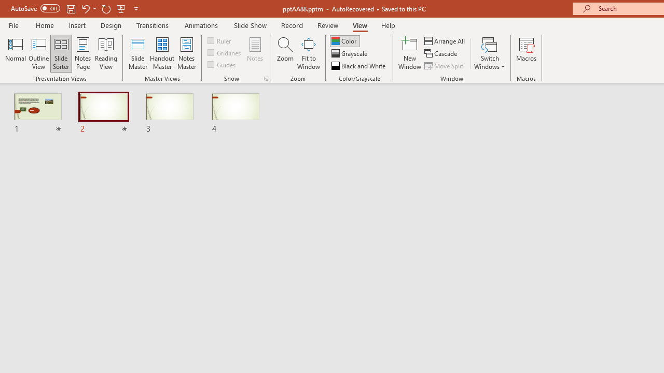 The width and height of the screenshot is (664, 373). What do you see at coordinates (137, 53) in the screenshot?
I see `'Slide Master'` at bounding box center [137, 53].